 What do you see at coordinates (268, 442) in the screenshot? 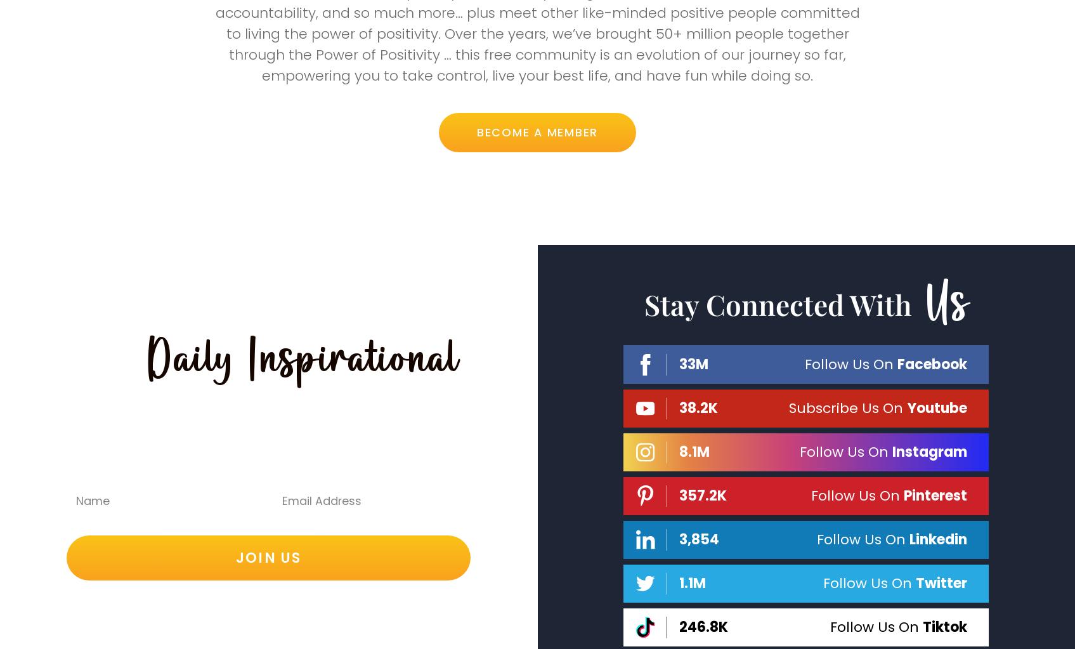
I see `'Content, Articles & Studies
Sent Direct To Your Inbox…'` at bounding box center [268, 442].